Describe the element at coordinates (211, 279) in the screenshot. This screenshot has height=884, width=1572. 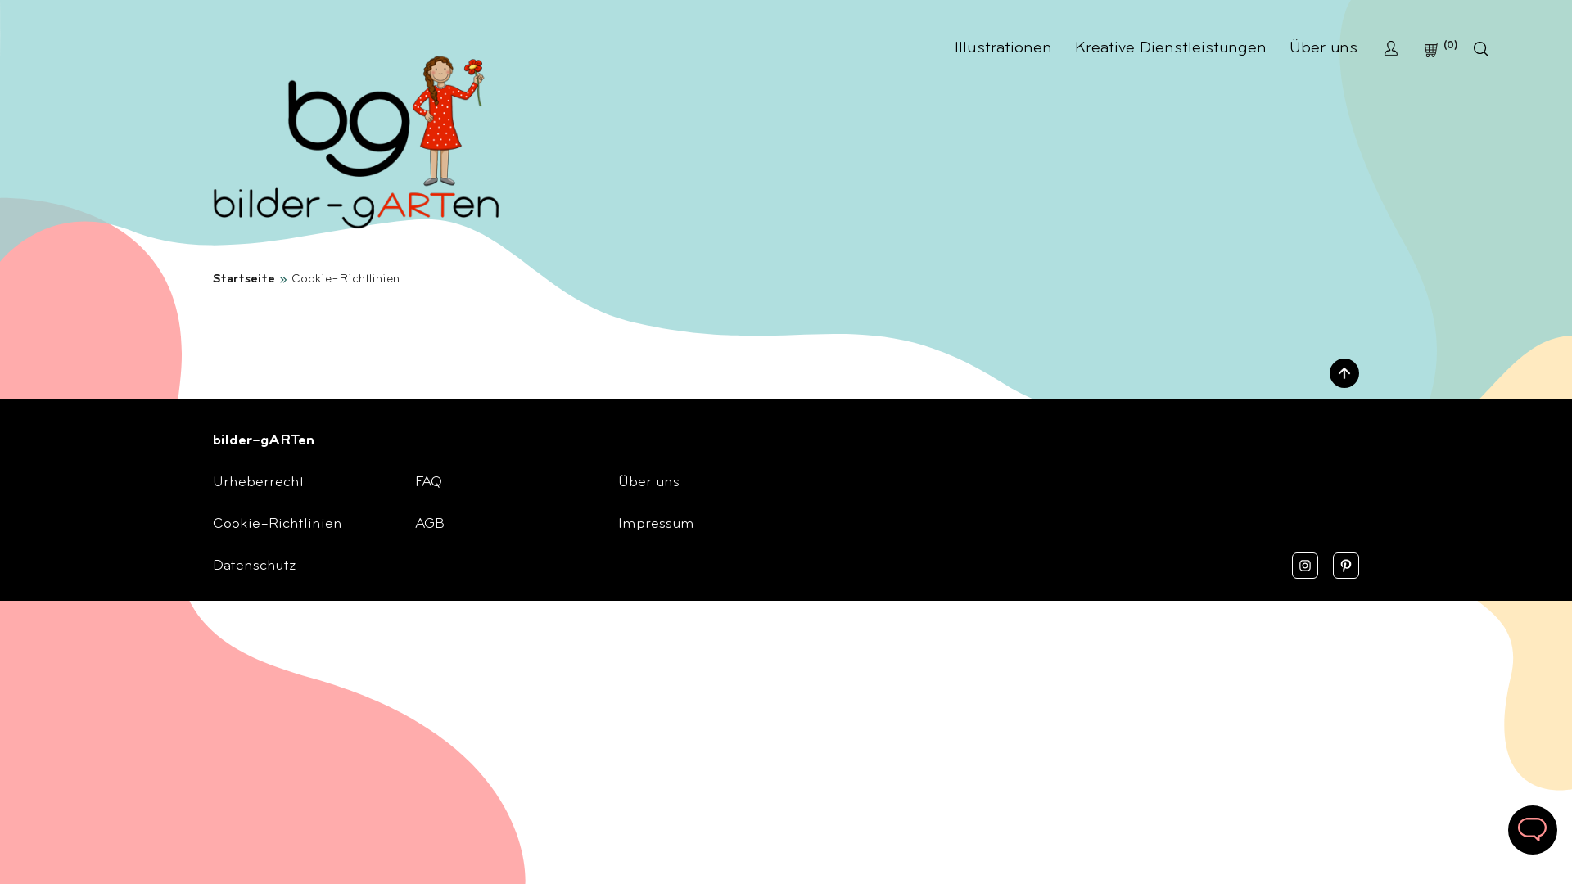
I see `'Startseite'` at that location.